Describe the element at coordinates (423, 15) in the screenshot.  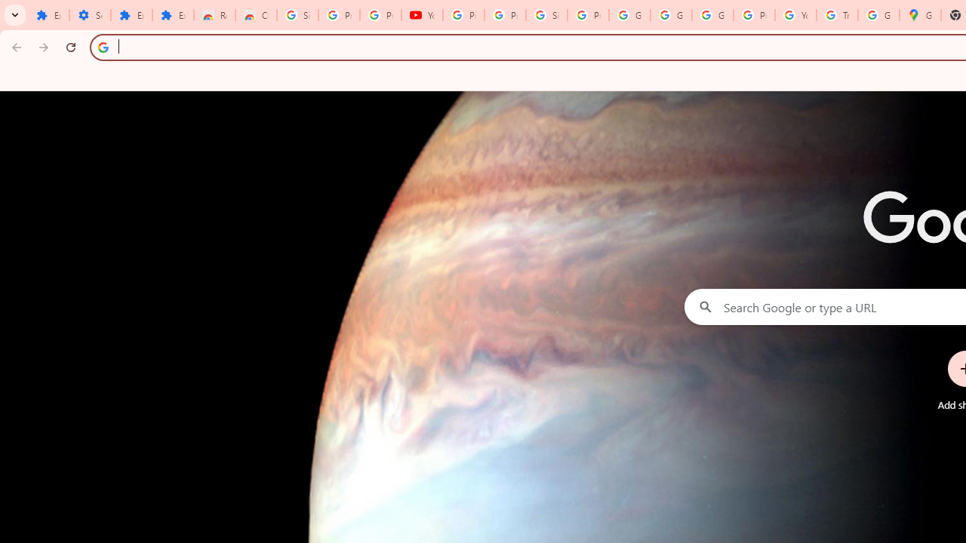
I see `'YouTube'` at that location.